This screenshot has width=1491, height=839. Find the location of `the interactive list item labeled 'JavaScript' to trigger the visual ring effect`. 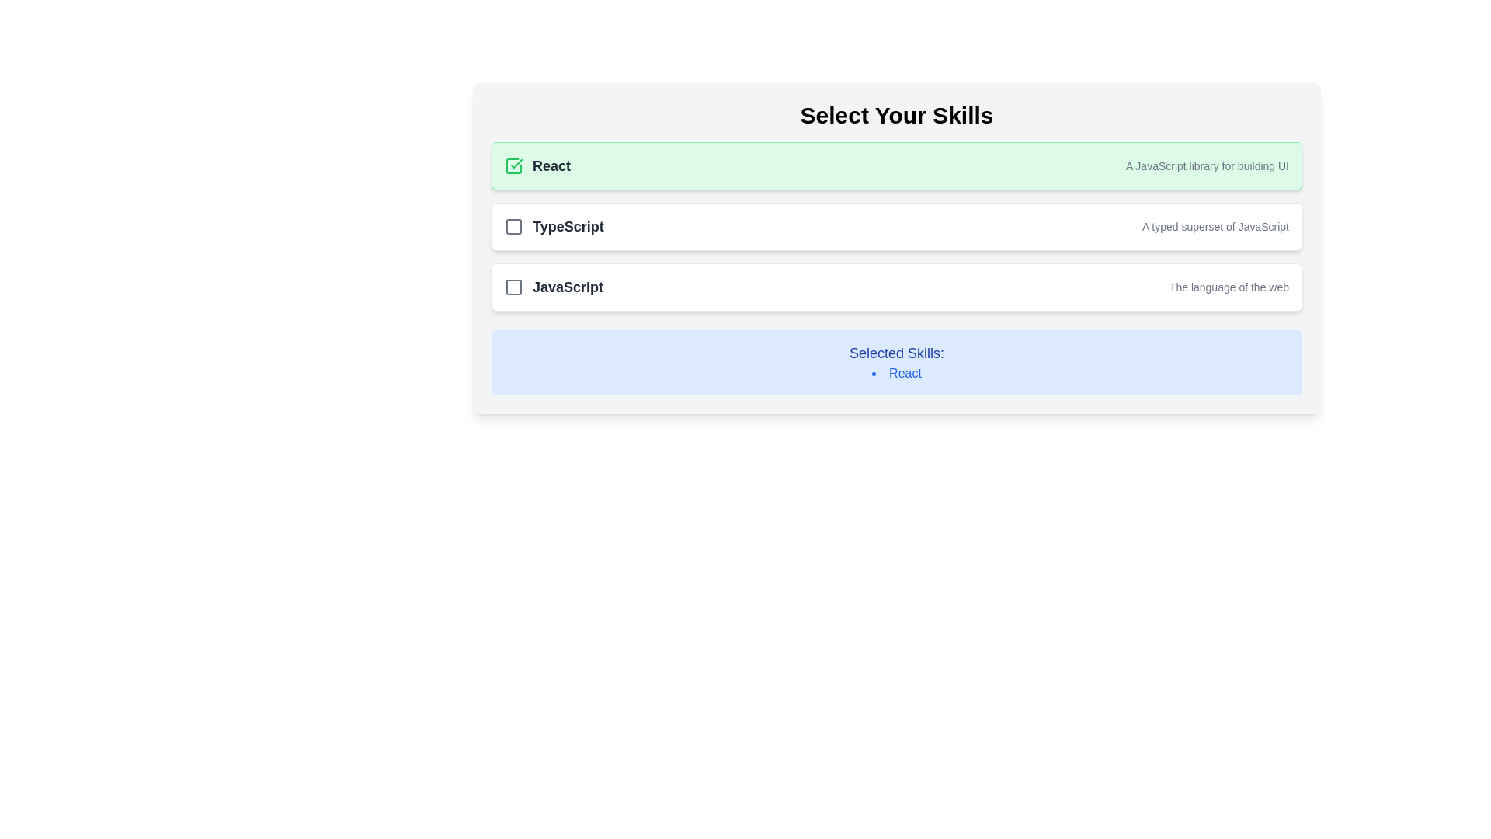

the interactive list item labeled 'JavaScript' to trigger the visual ring effect is located at coordinates (897, 287).